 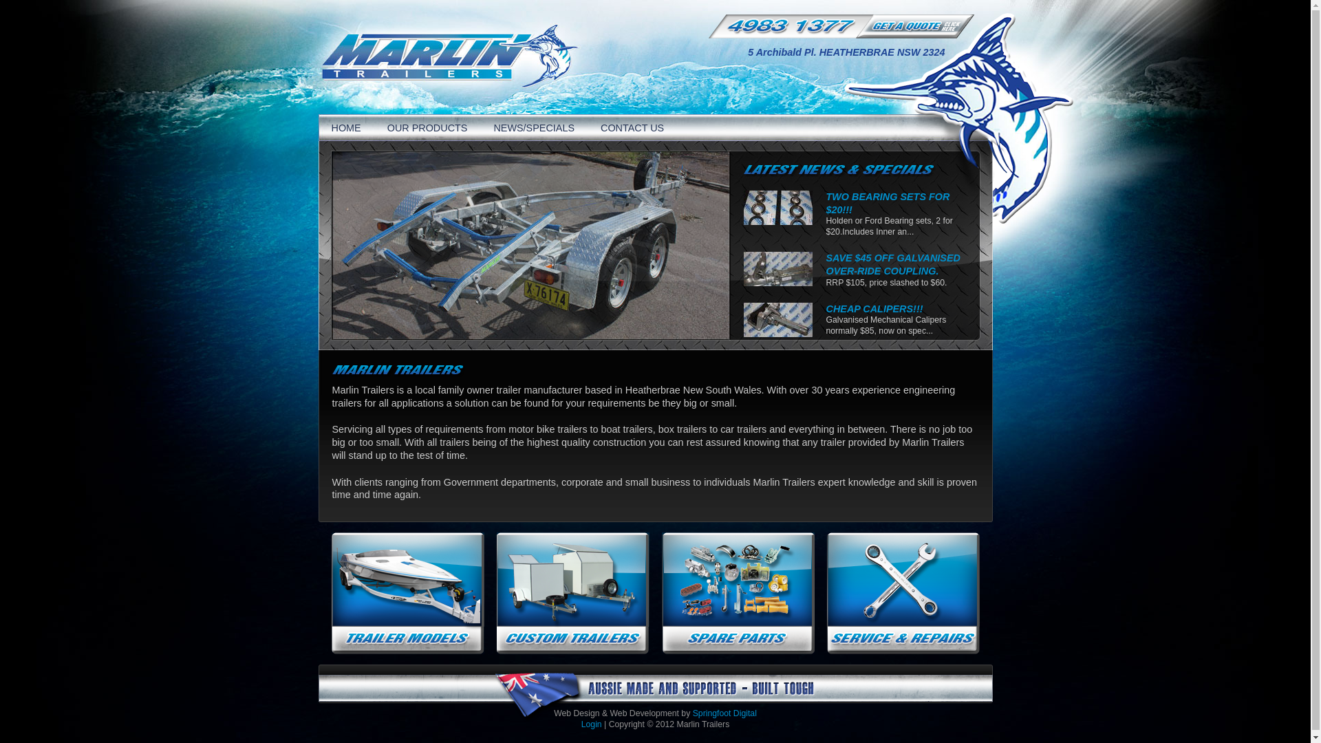 What do you see at coordinates (573, 592) in the screenshot?
I see `'Custom Trailers'` at bounding box center [573, 592].